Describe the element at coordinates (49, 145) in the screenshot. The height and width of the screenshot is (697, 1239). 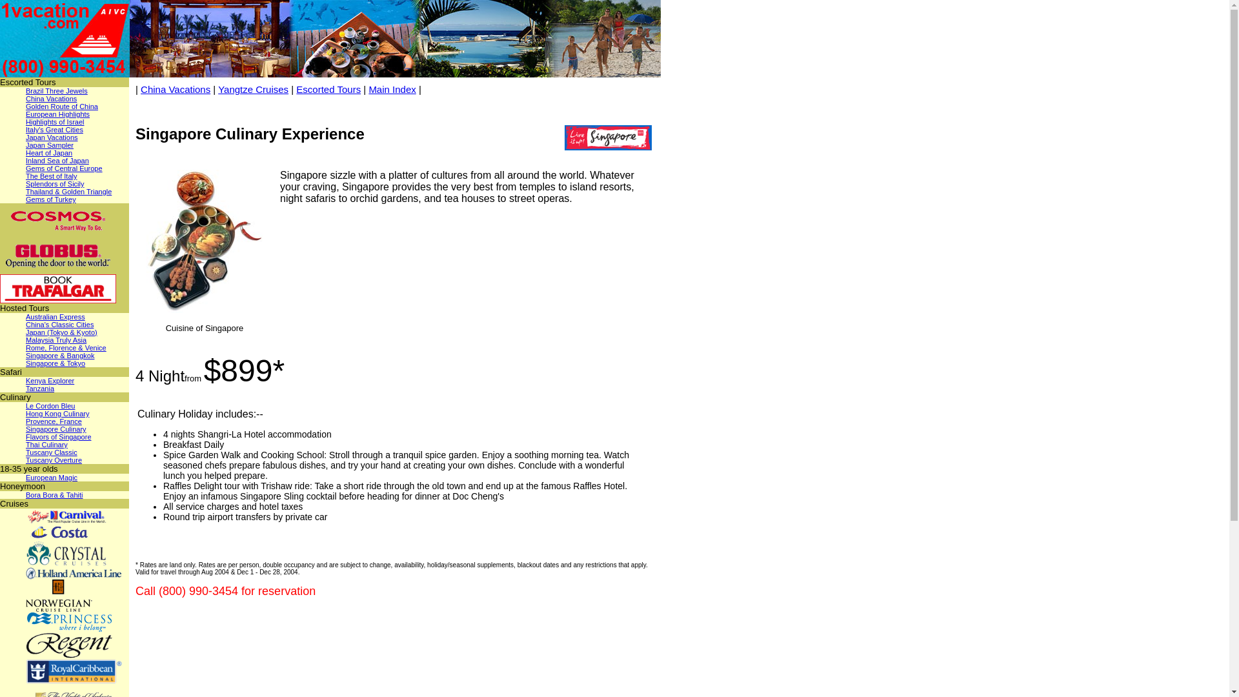
I see `'Japan Sampler'` at that location.